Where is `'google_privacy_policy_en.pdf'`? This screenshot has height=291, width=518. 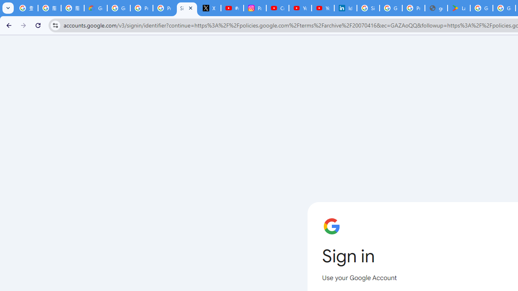 'google_privacy_policy_en.pdf' is located at coordinates (435, 8).